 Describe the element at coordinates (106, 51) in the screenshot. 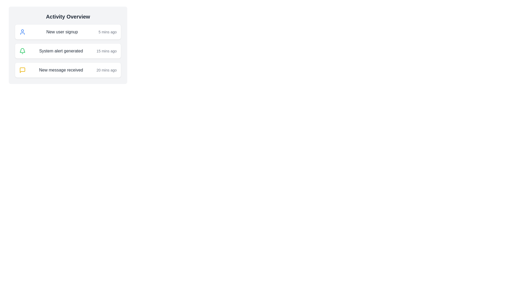

I see `the text label that informs the user about the time associated with the task or event 'System alert generated', located to the far right within the notification box` at that location.